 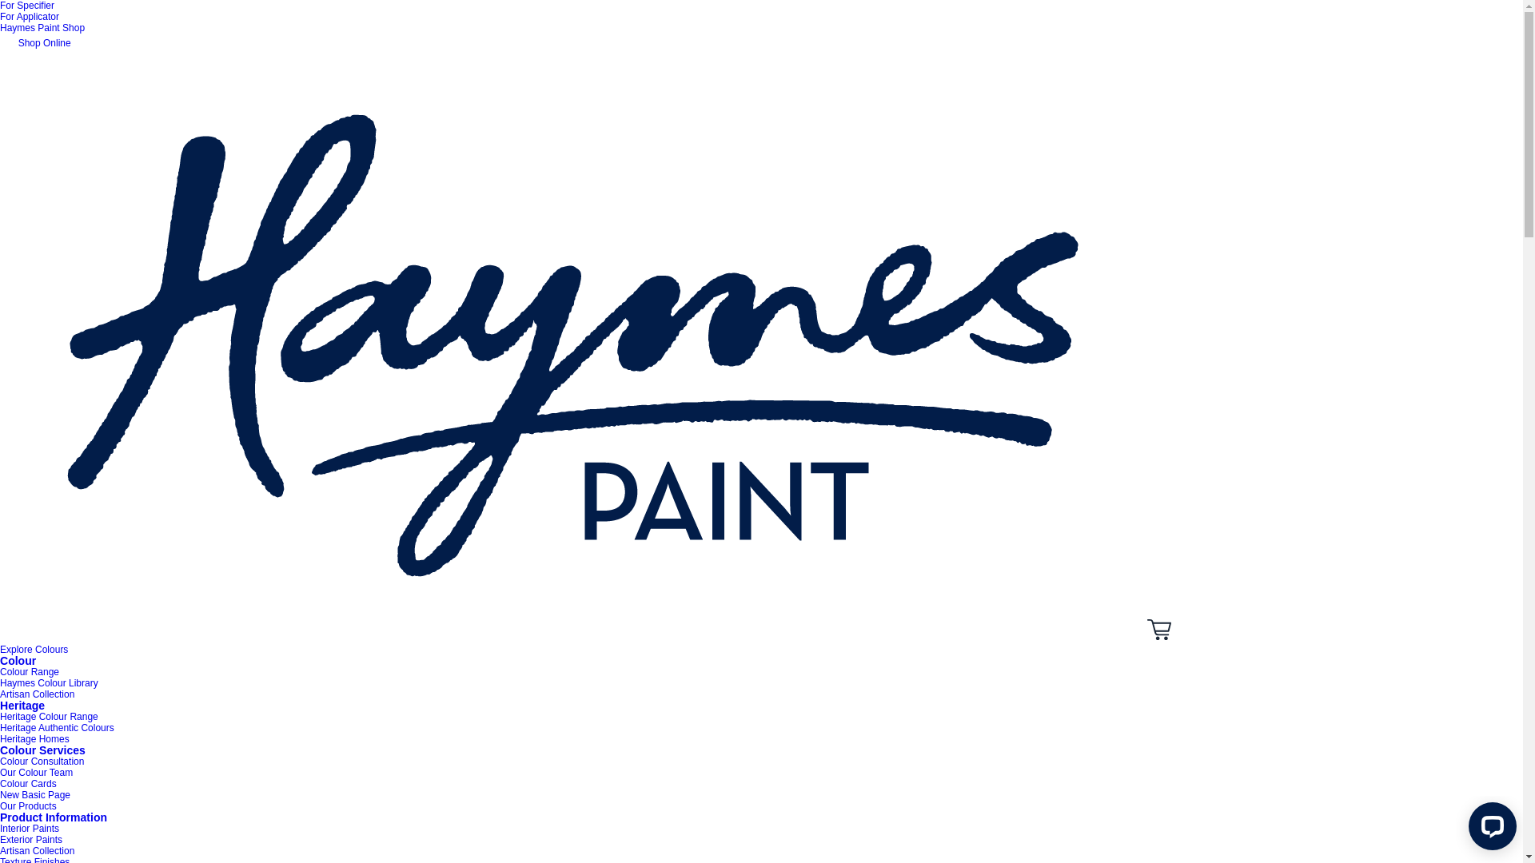 What do you see at coordinates (28, 806) in the screenshot?
I see `'Our Products'` at bounding box center [28, 806].